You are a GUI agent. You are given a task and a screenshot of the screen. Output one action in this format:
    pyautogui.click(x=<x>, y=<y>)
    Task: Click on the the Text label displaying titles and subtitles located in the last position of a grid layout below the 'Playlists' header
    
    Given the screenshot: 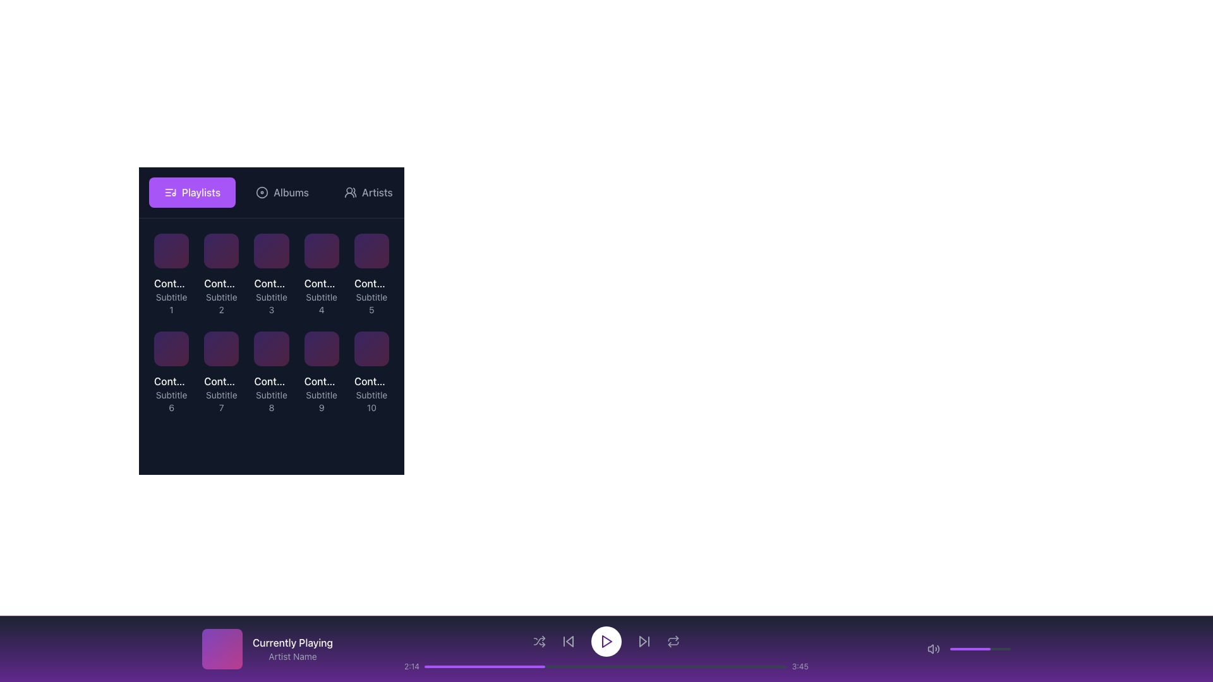 What is the action you would take?
    pyautogui.click(x=371, y=393)
    